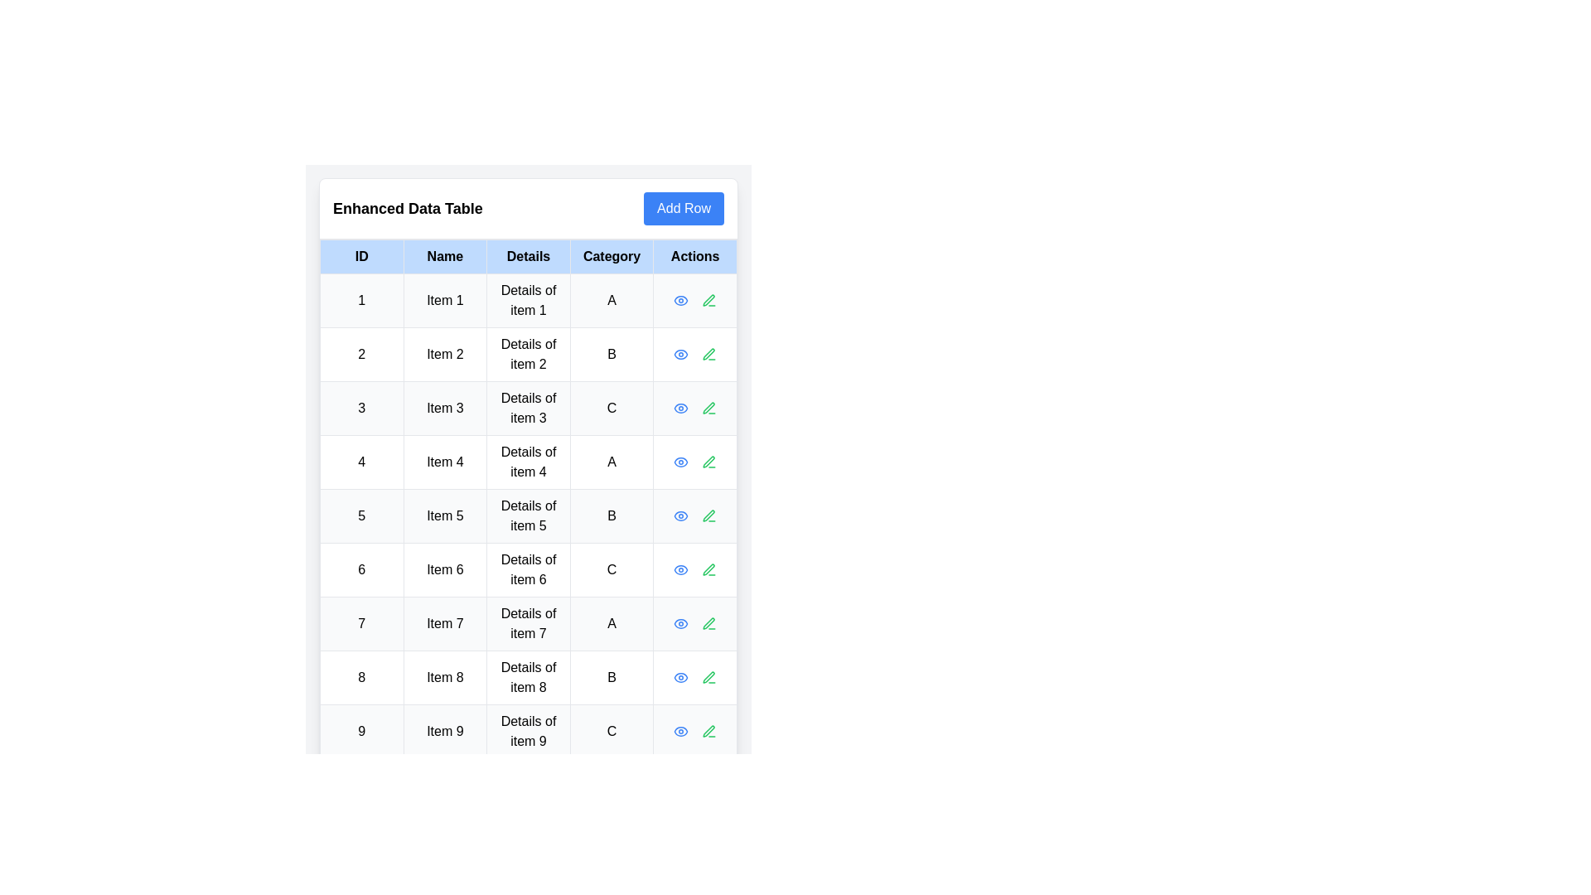 This screenshot has width=1591, height=895. Describe the element at coordinates (611, 256) in the screenshot. I see `the 'Category' column header in the data table, which is the fourth header in a row of five, located near the top-center of the interface` at that location.